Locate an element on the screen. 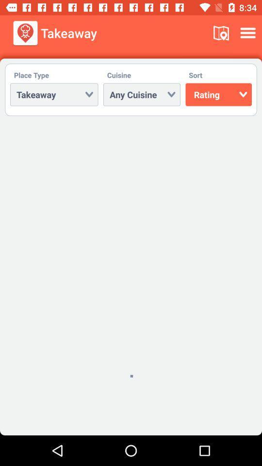 Image resolution: width=262 pixels, height=466 pixels. the drop down under cuisine is located at coordinates (141, 94).